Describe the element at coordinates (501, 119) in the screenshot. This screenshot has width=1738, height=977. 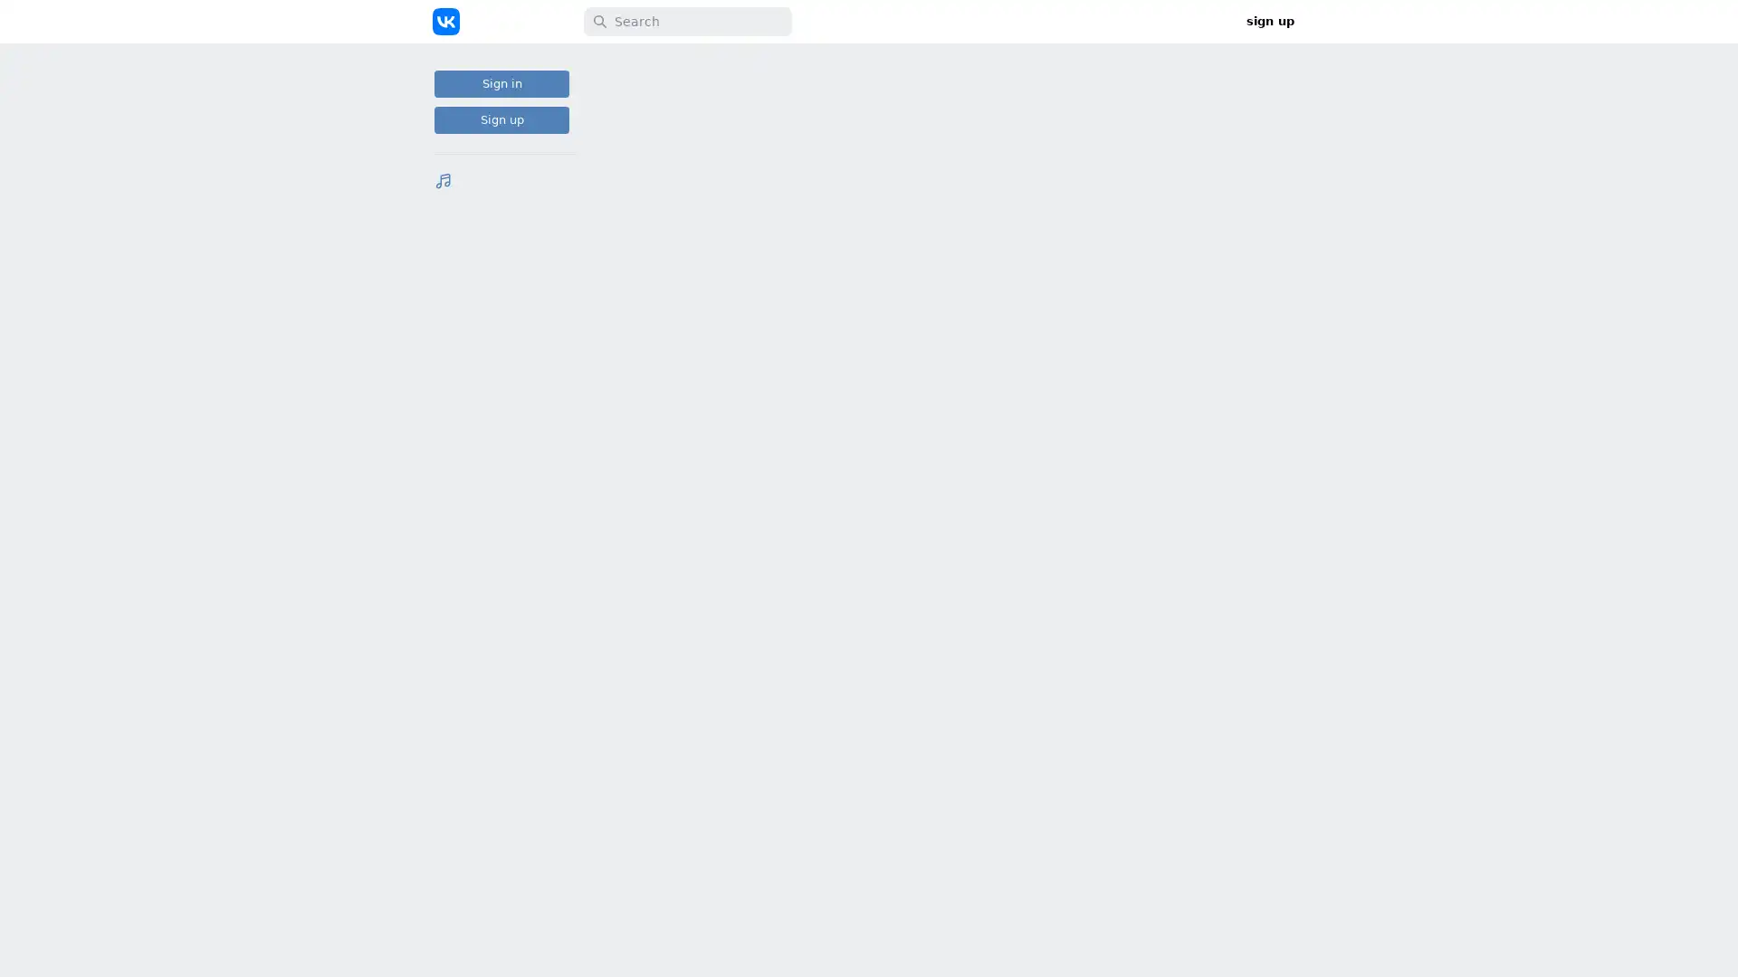
I see `Sign up` at that location.